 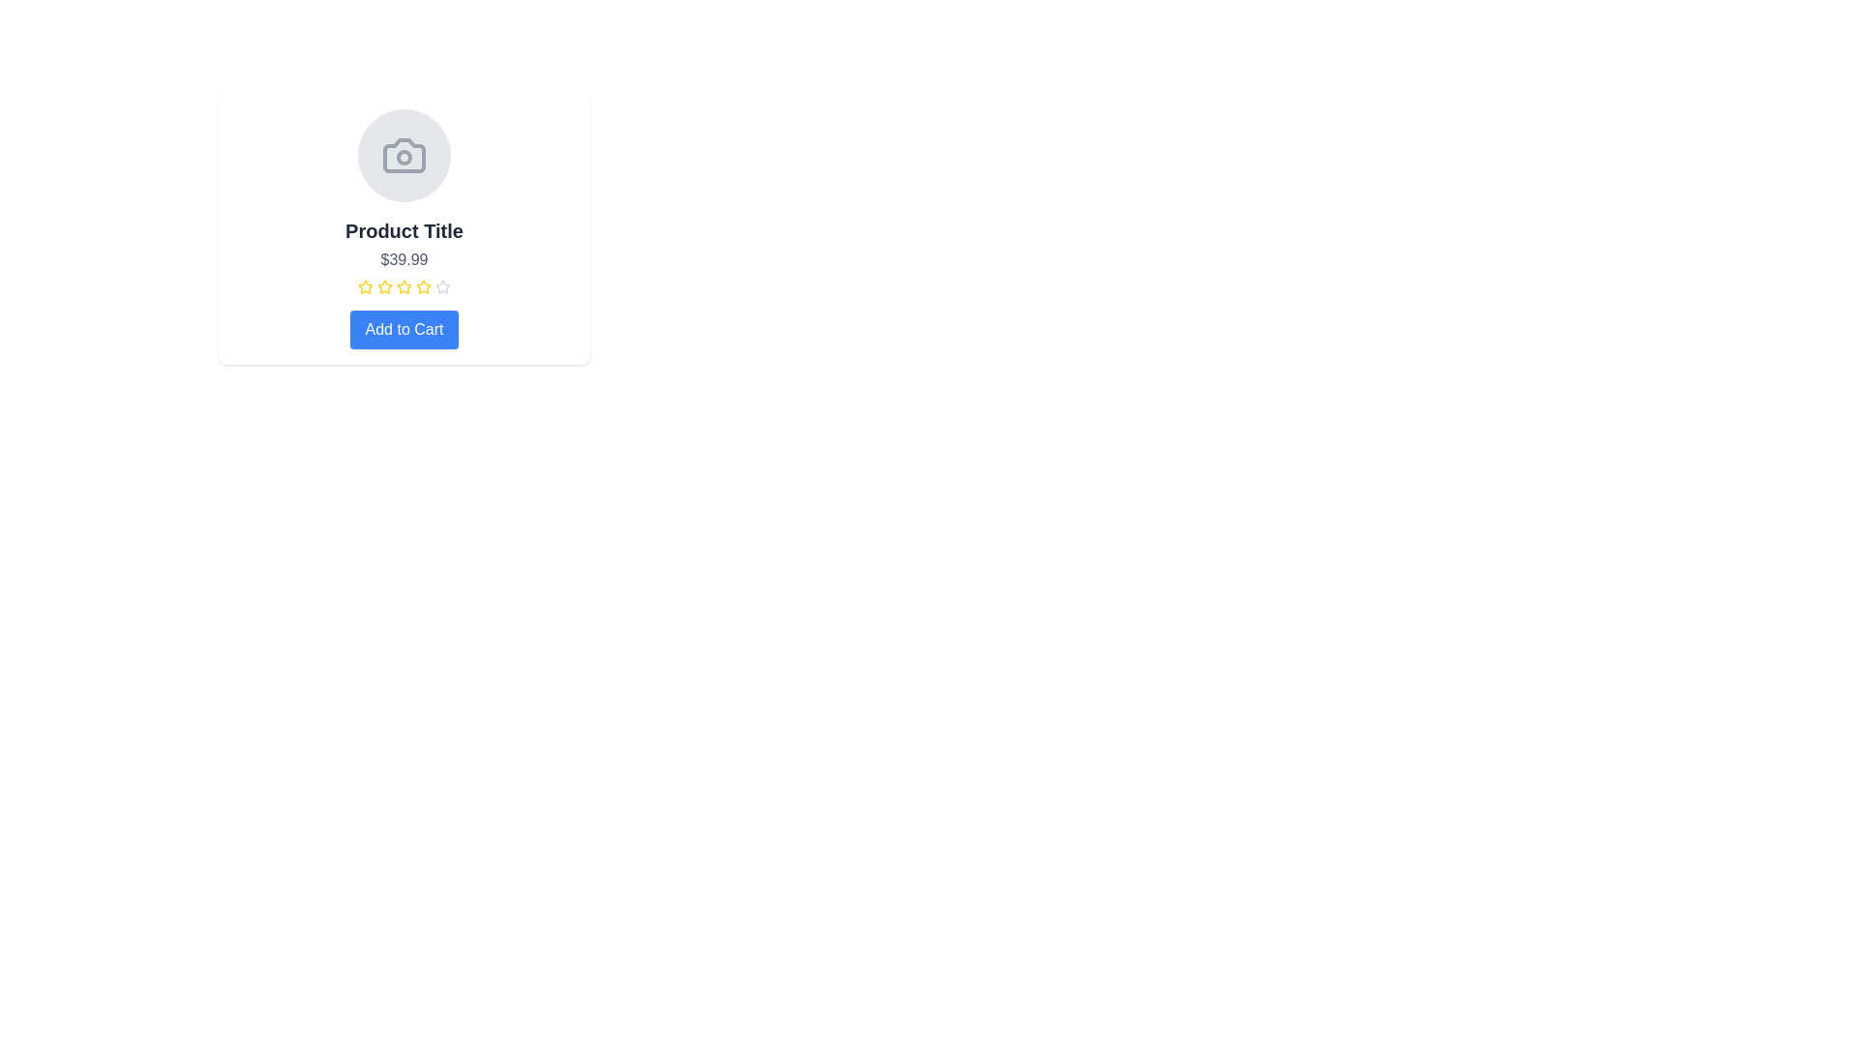 What do you see at coordinates (403, 328) in the screenshot?
I see `the button located centrally beneath the rating stars and the price text '$39.99'` at bounding box center [403, 328].